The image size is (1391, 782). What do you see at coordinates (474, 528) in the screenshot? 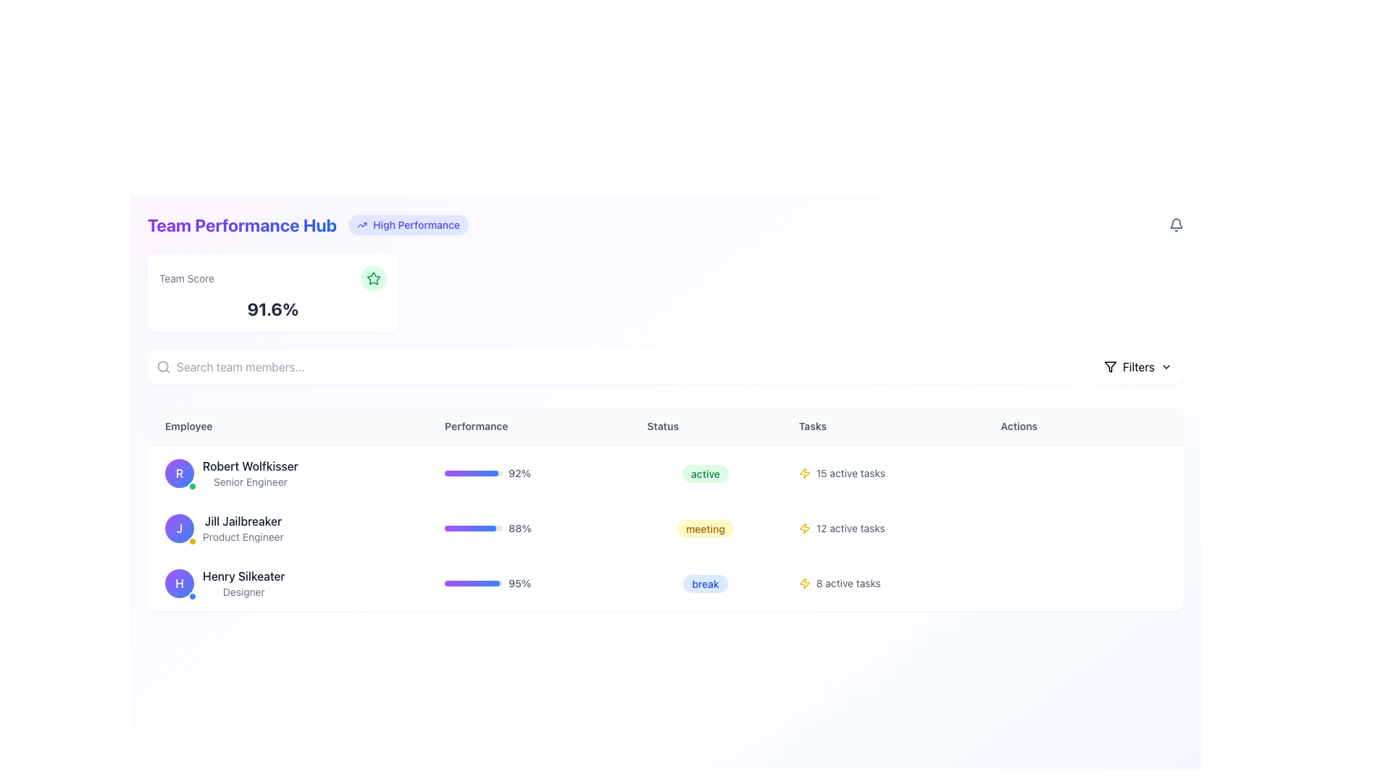
I see `the progress bar located in the 'Performance' column of the second row of the employee list` at bounding box center [474, 528].